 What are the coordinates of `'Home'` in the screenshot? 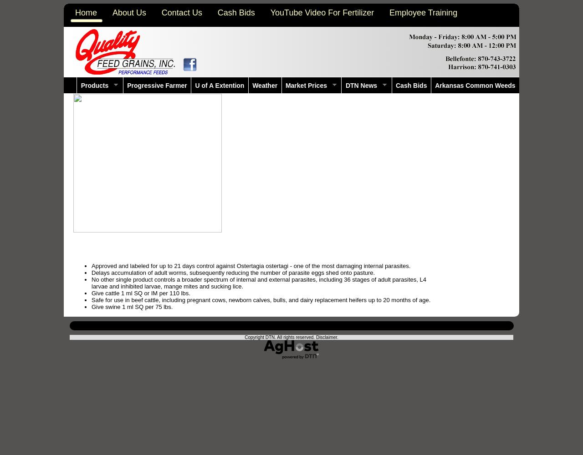 It's located at (86, 13).